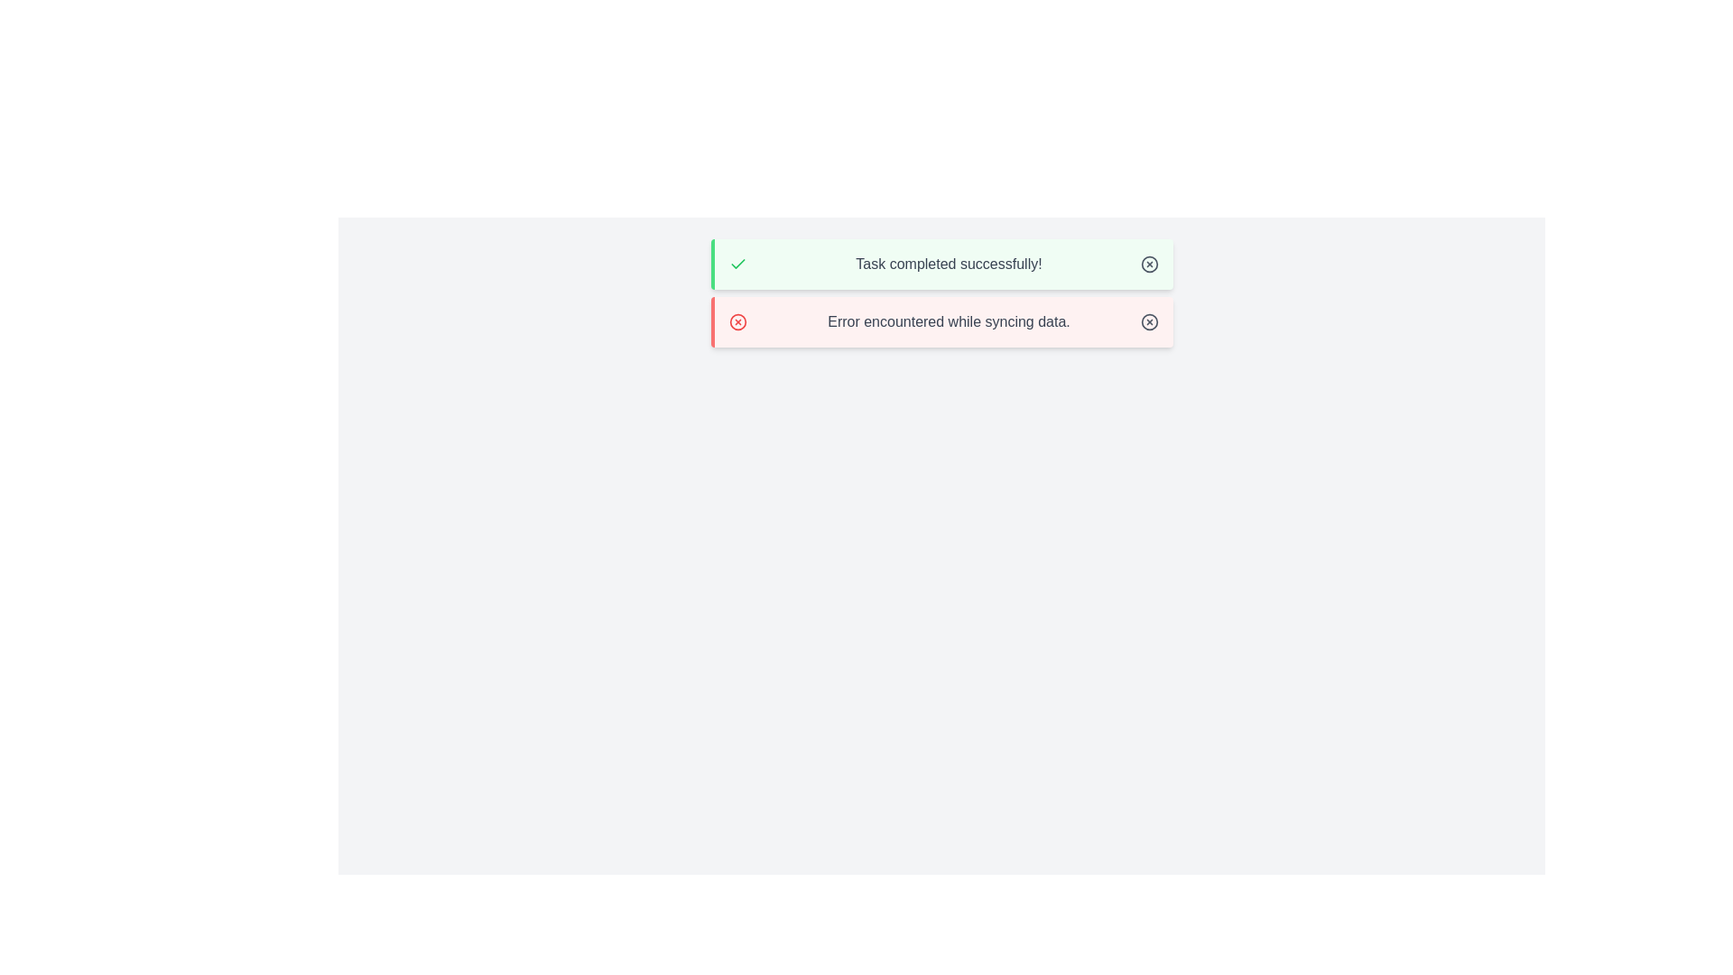  Describe the element at coordinates (1148, 265) in the screenshot. I see `the dismiss button located at the far-right end of the notification bar that displays the message 'Task completed successfully!'` at that location.